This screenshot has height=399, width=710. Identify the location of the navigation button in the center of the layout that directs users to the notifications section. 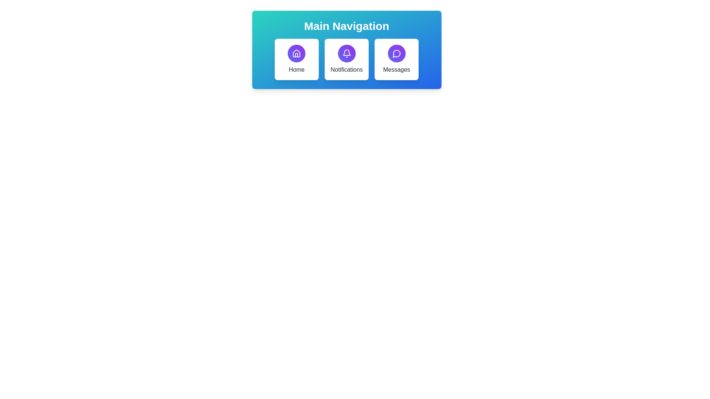
(346, 59).